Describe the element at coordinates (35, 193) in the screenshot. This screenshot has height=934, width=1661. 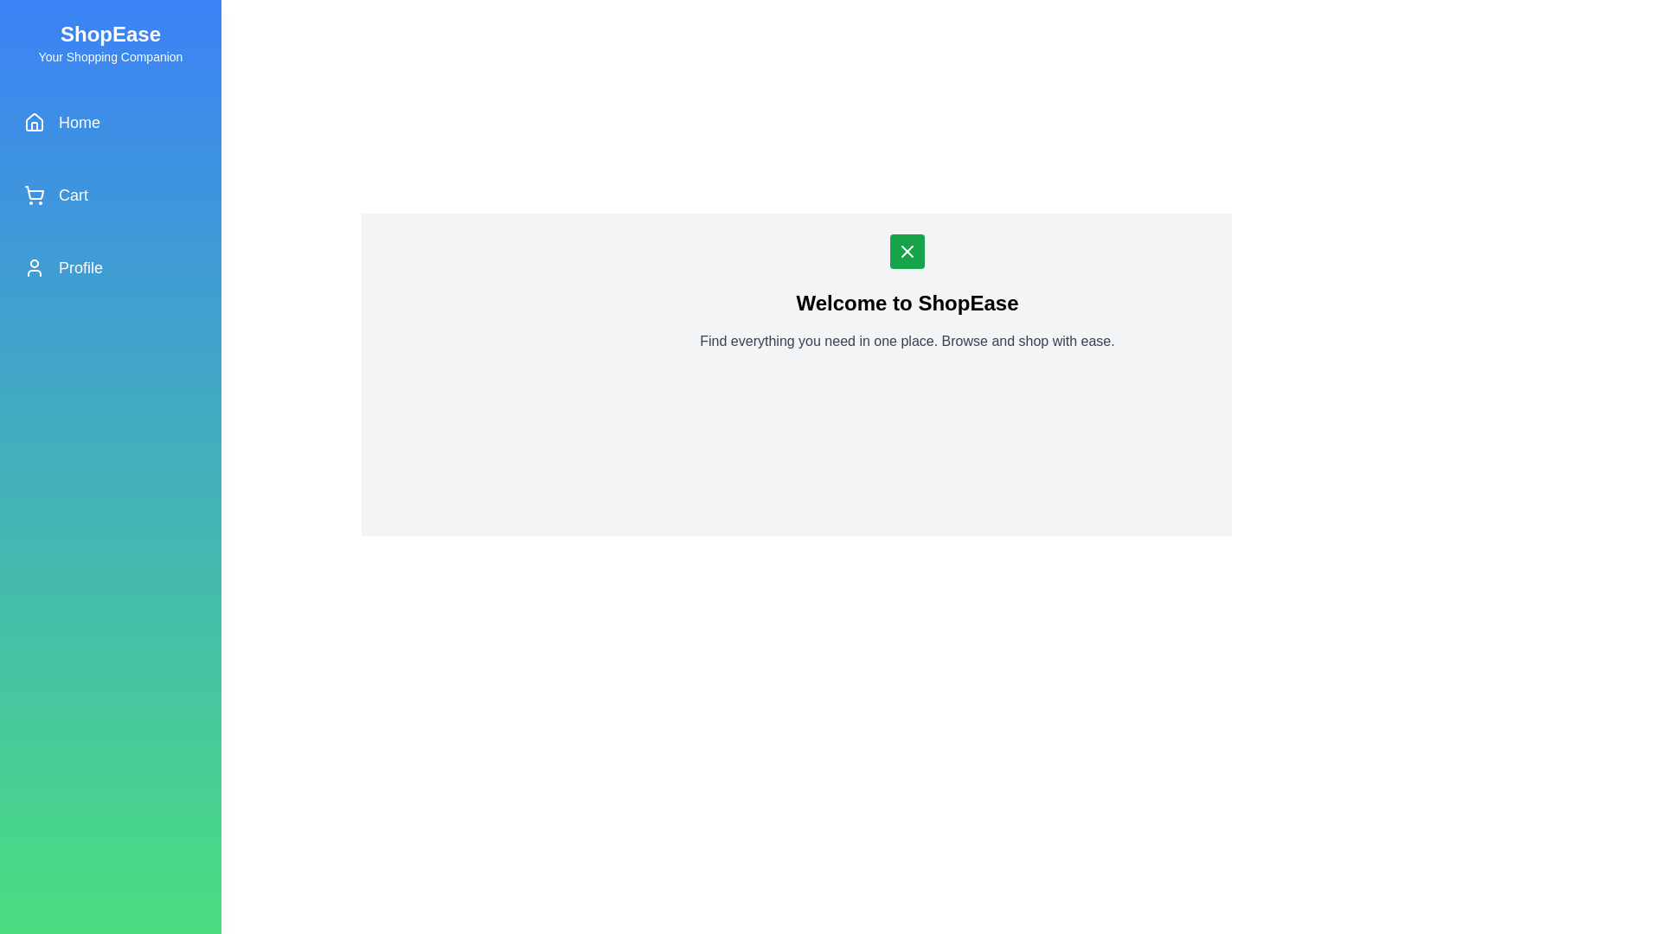
I see `the main body of the shopping cart icon in the vertical sidebar, which visually represents the cart feature of the application` at that location.